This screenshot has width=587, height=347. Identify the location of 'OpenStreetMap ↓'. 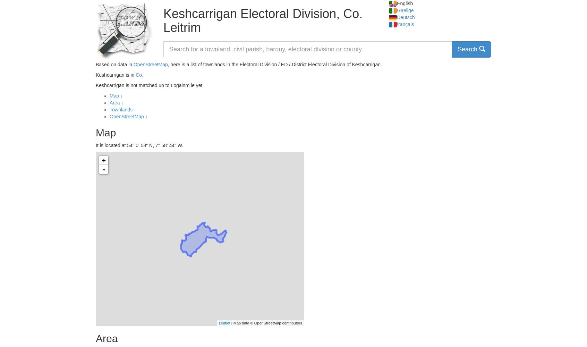
(128, 116).